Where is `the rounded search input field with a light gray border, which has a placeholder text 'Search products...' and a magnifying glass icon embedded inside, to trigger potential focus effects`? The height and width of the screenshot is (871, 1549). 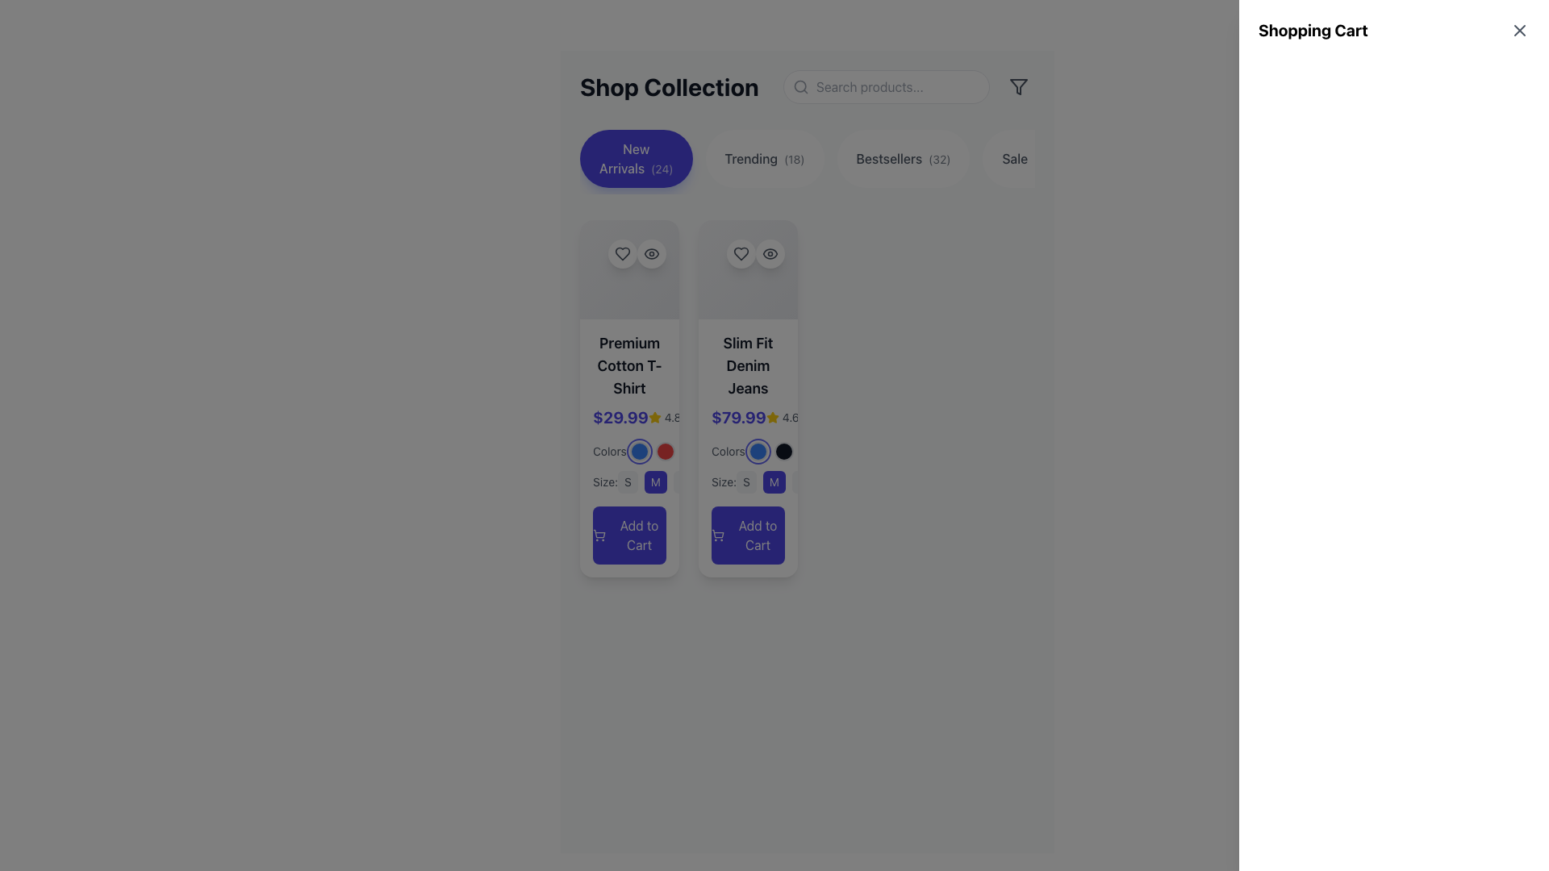
the rounded search input field with a light gray border, which has a placeholder text 'Search products...' and a magnifying glass icon embedded inside, to trigger potential focus effects is located at coordinates (886, 87).